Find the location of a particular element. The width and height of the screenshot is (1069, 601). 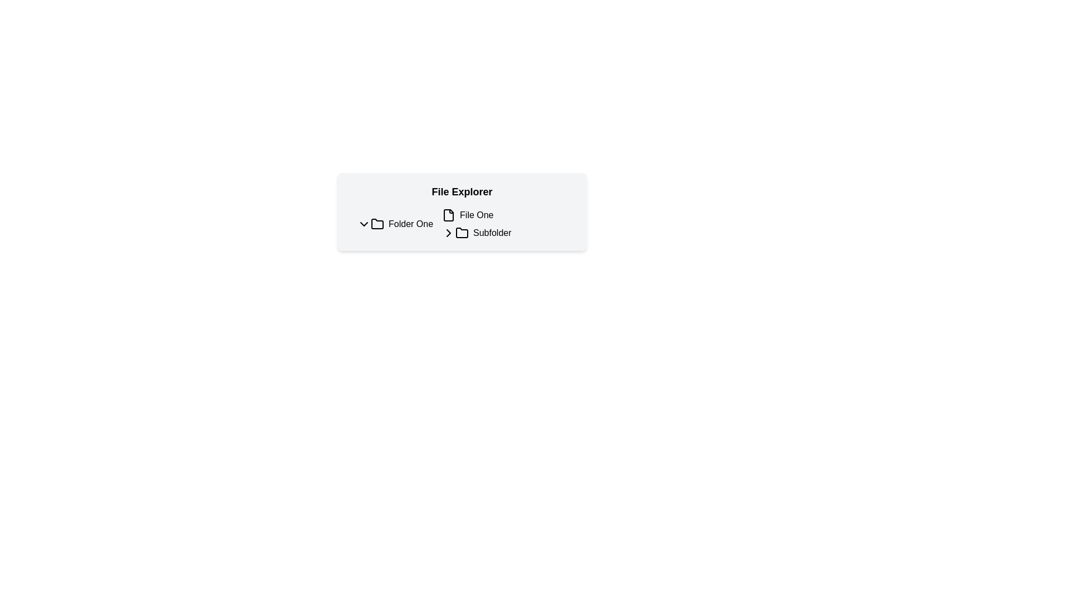

the 'File One' element in the file explorer is located at coordinates (468, 215).